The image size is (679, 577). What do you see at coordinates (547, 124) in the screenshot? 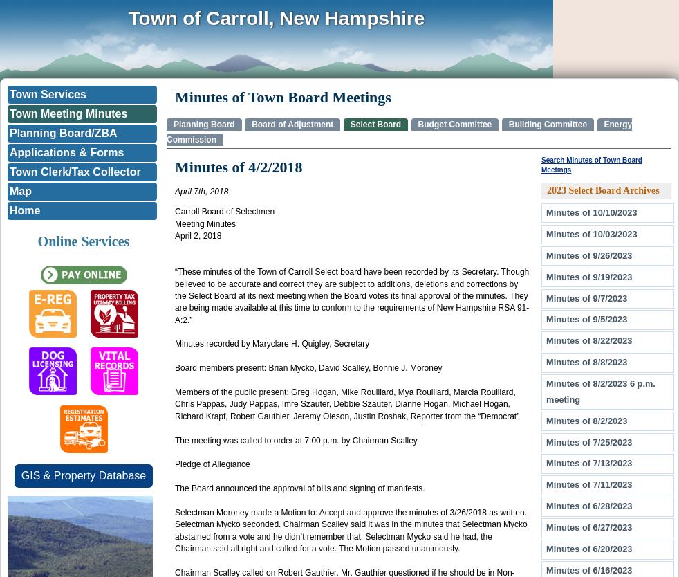
I see `'Building Committee'` at bounding box center [547, 124].